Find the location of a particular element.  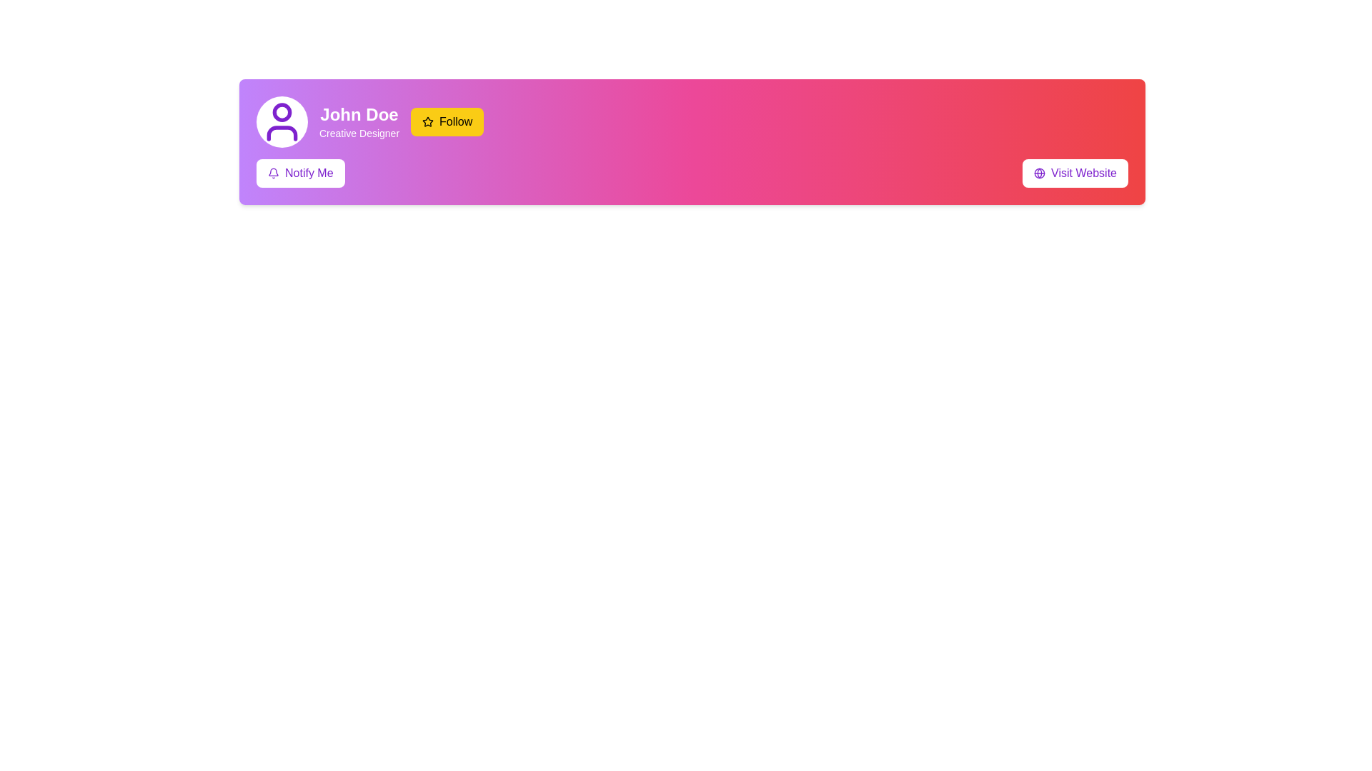

the lower component of the user profile icon, which is encapsulated in a purple circle and positioned below the circular head element is located at coordinates (282, 133).